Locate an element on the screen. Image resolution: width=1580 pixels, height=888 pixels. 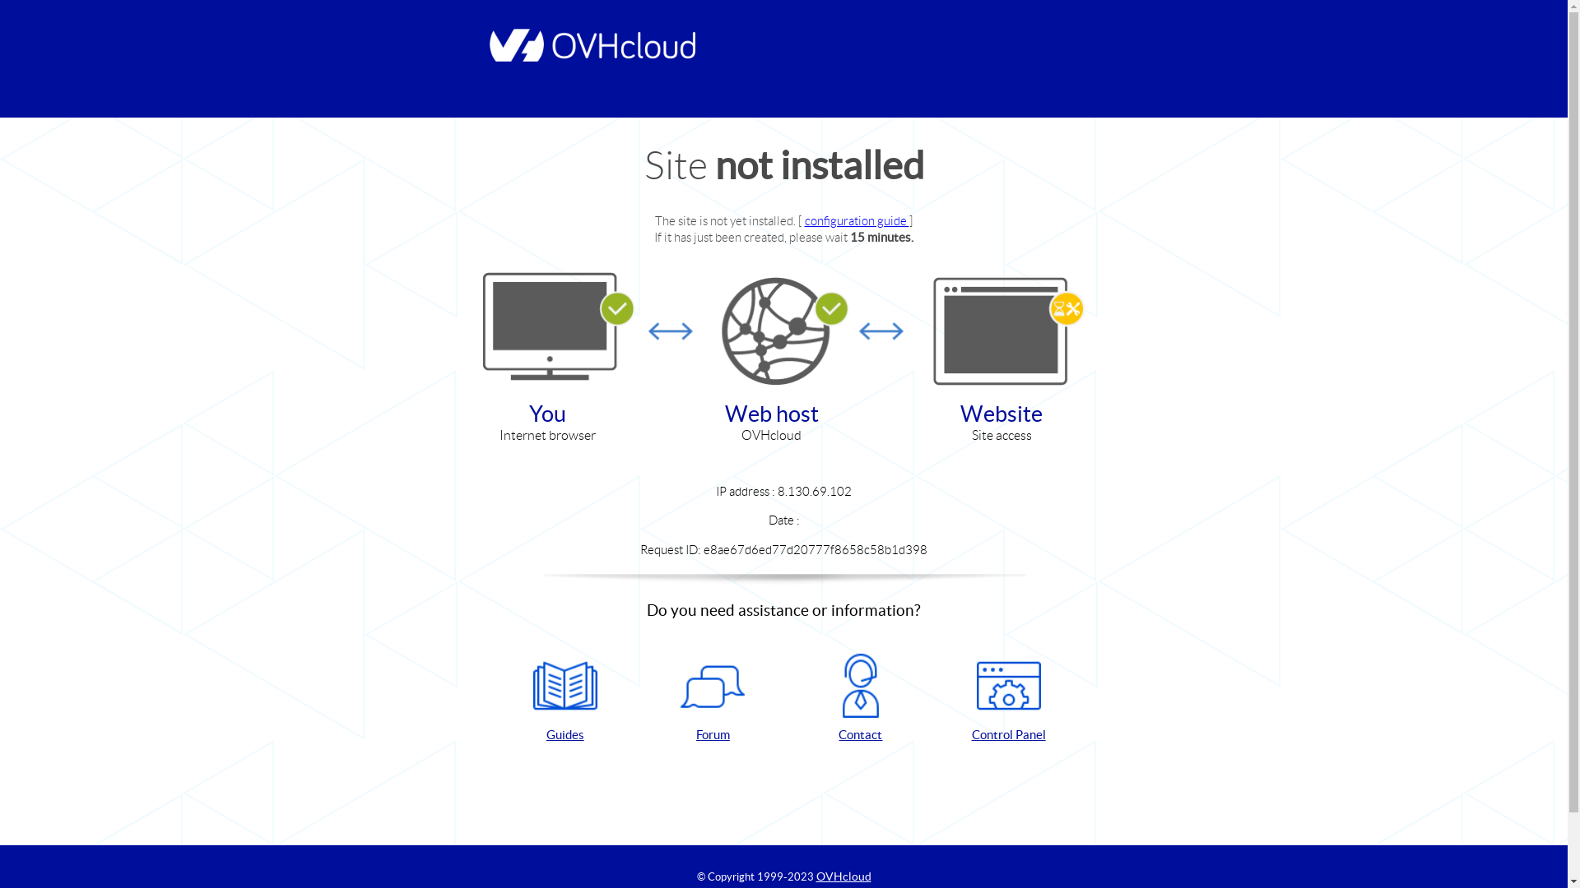
'Guides' is located at coordinates (565, 698).